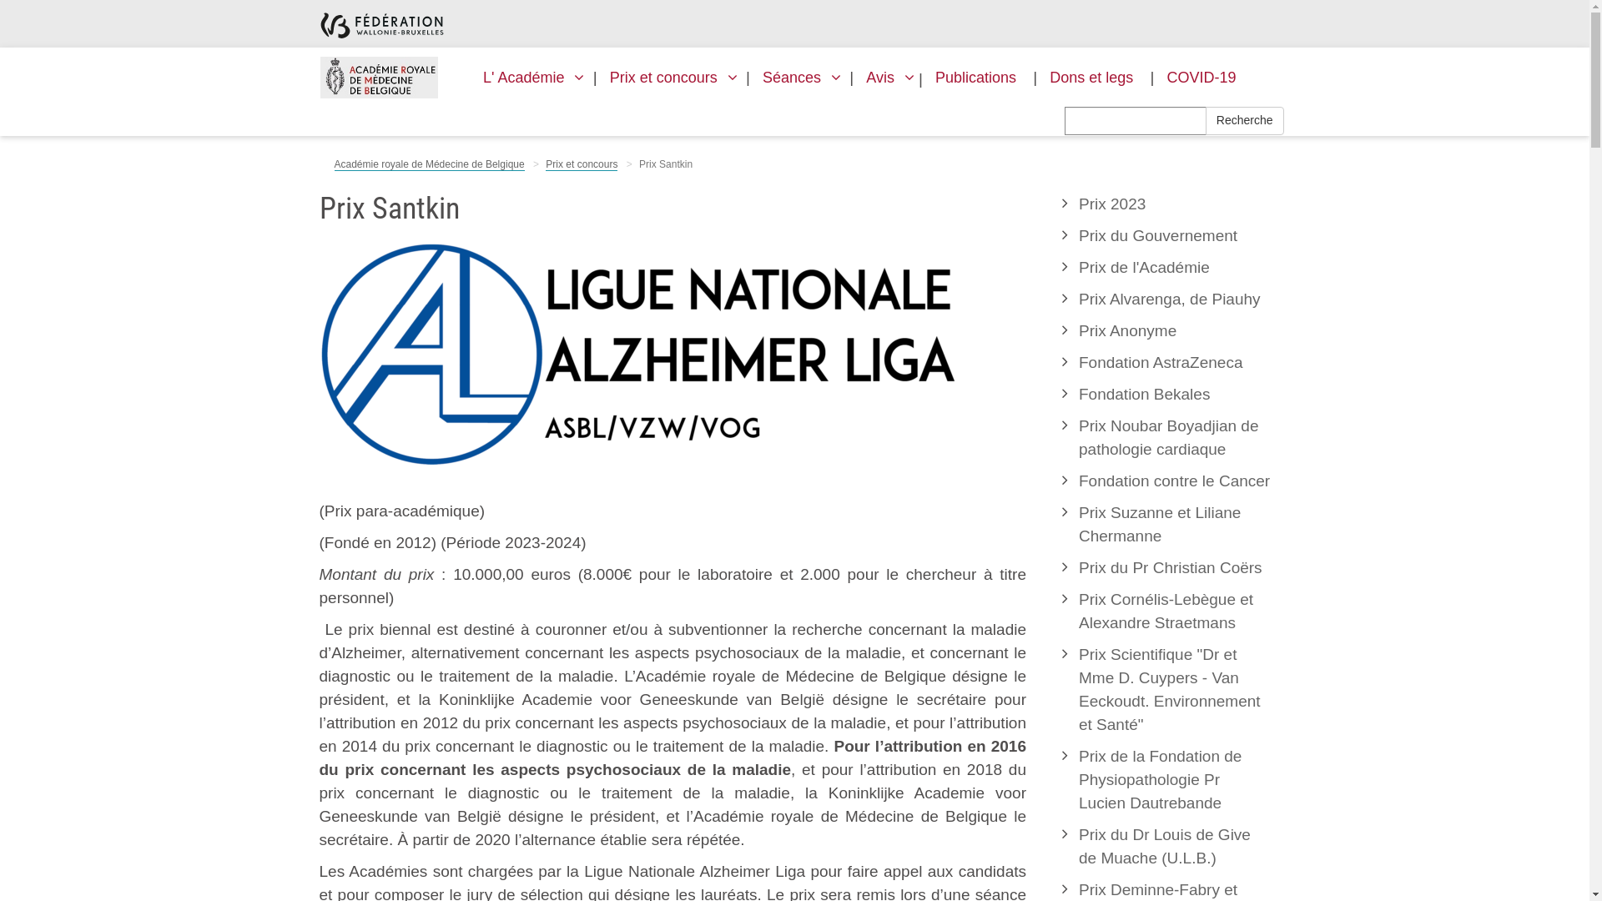  I want to click on 'Prix Suzanne et Liliane Chermanne', so click(1173, 523).